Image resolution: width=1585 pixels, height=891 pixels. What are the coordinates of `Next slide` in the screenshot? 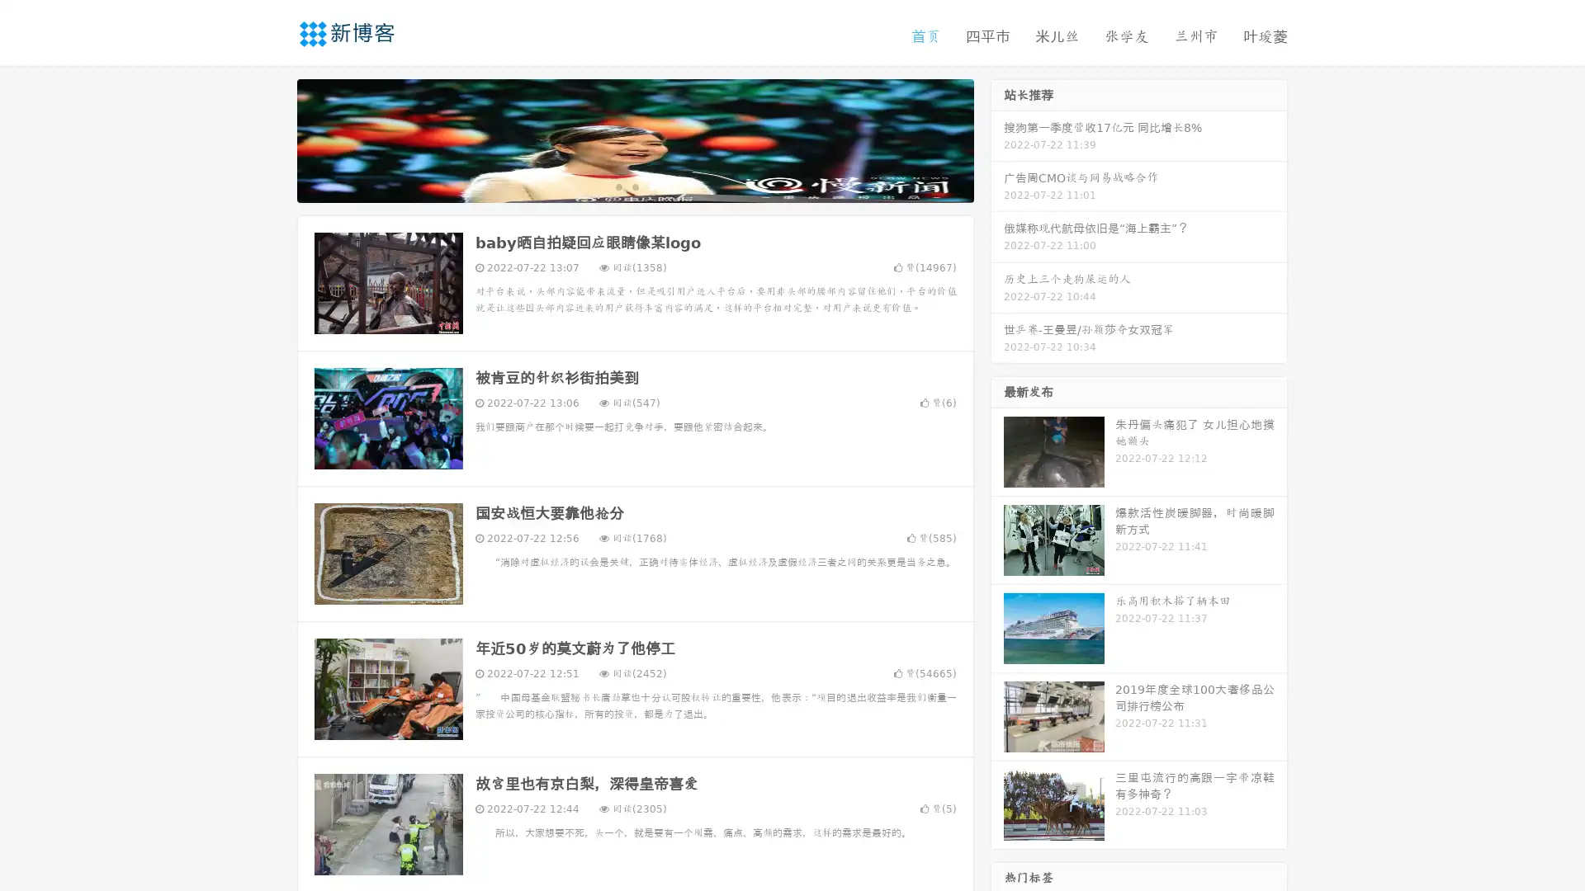 It's located at (997, 139).